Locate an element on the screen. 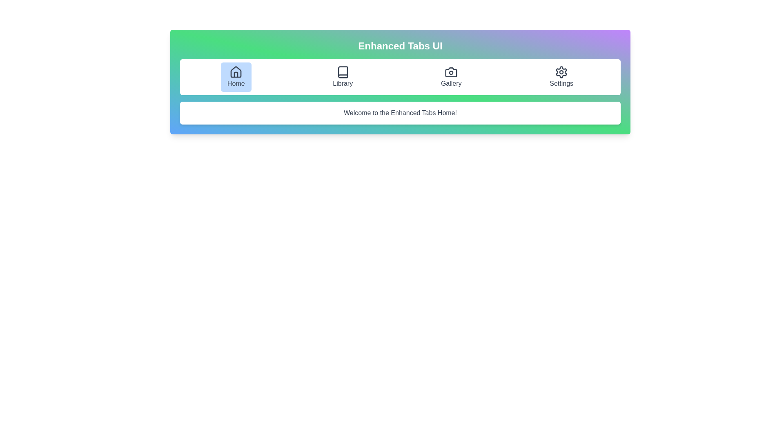  the tab labeled Settings is located at coordinates (561, 77).